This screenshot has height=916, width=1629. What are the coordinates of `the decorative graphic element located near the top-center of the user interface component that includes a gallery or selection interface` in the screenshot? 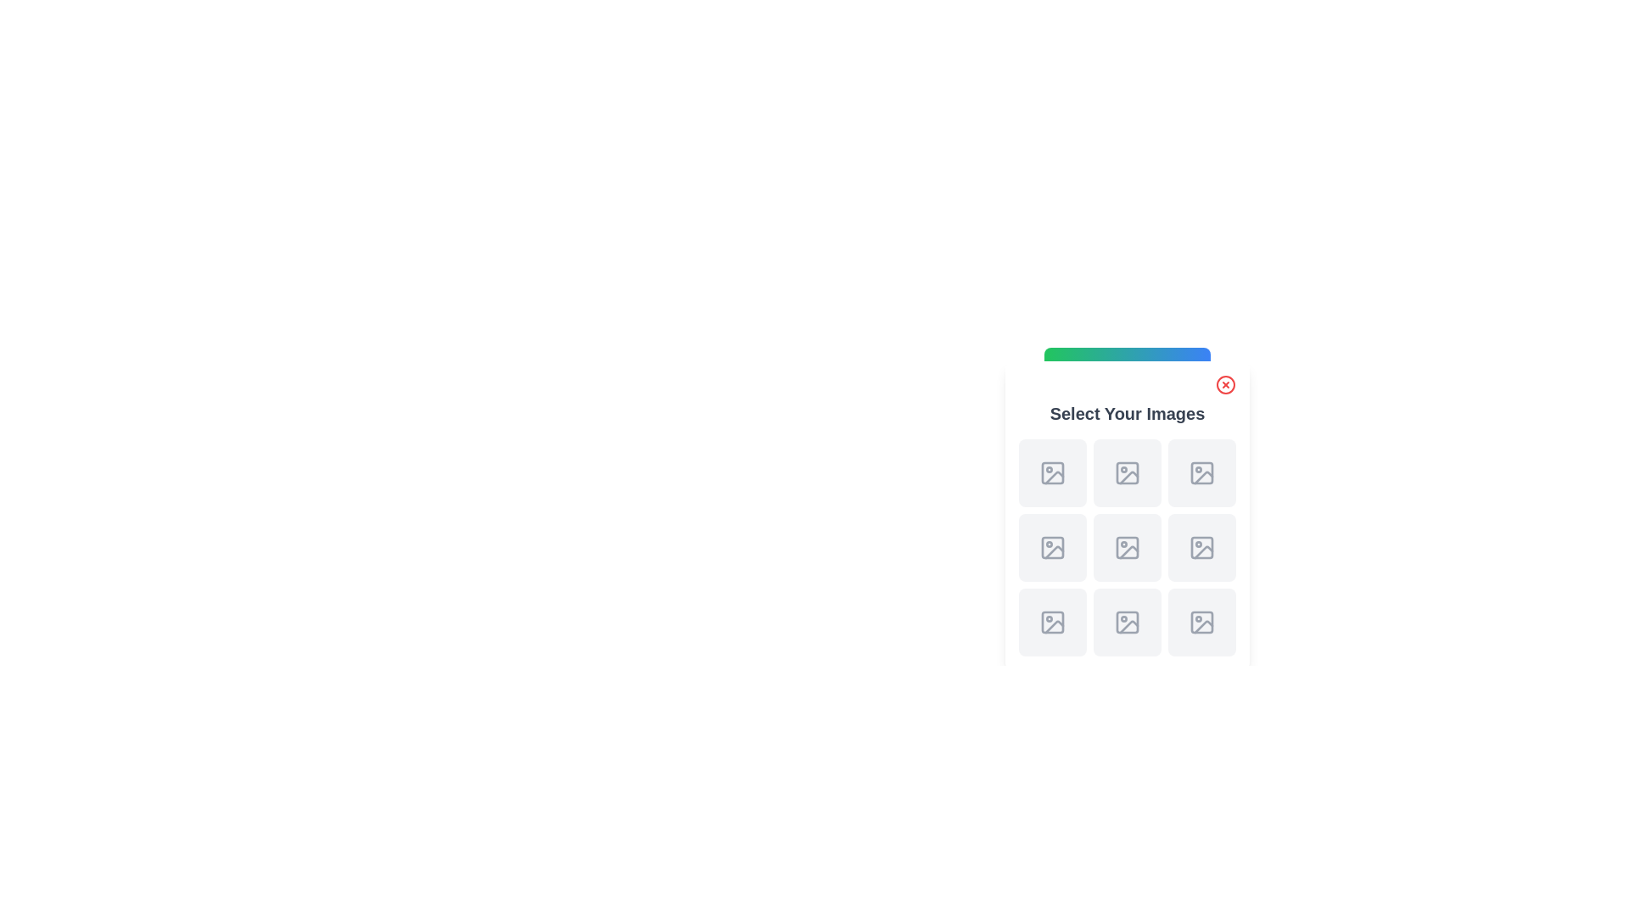 It's located at (1074, 368).